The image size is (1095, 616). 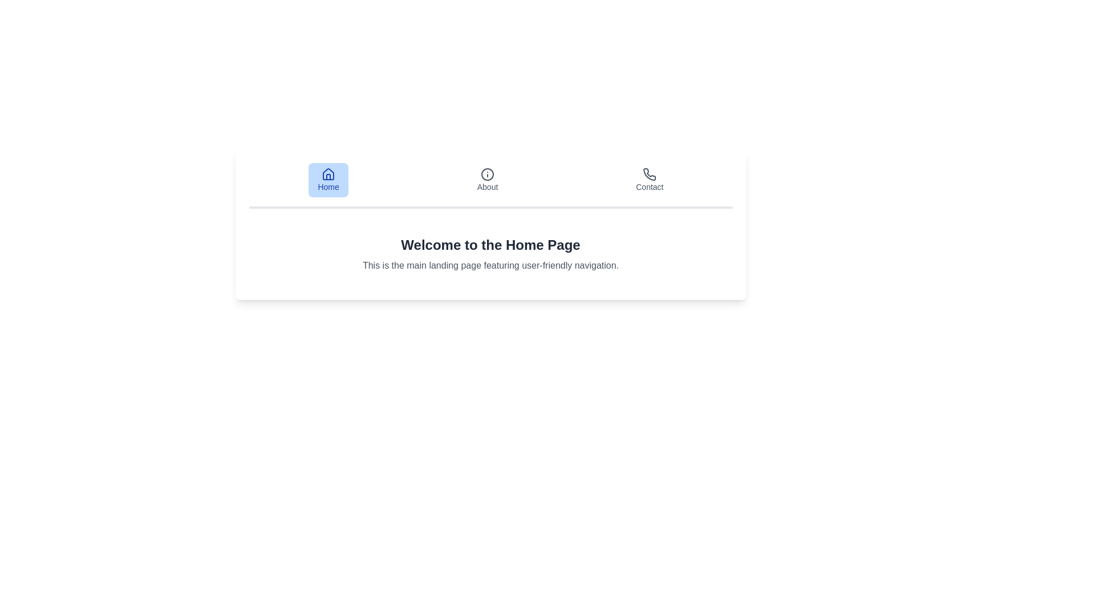 What do you see at coordinates (649, 180) in the screenshot?
I see `the Contact tab to view its content` at bounding box center [649, 180].